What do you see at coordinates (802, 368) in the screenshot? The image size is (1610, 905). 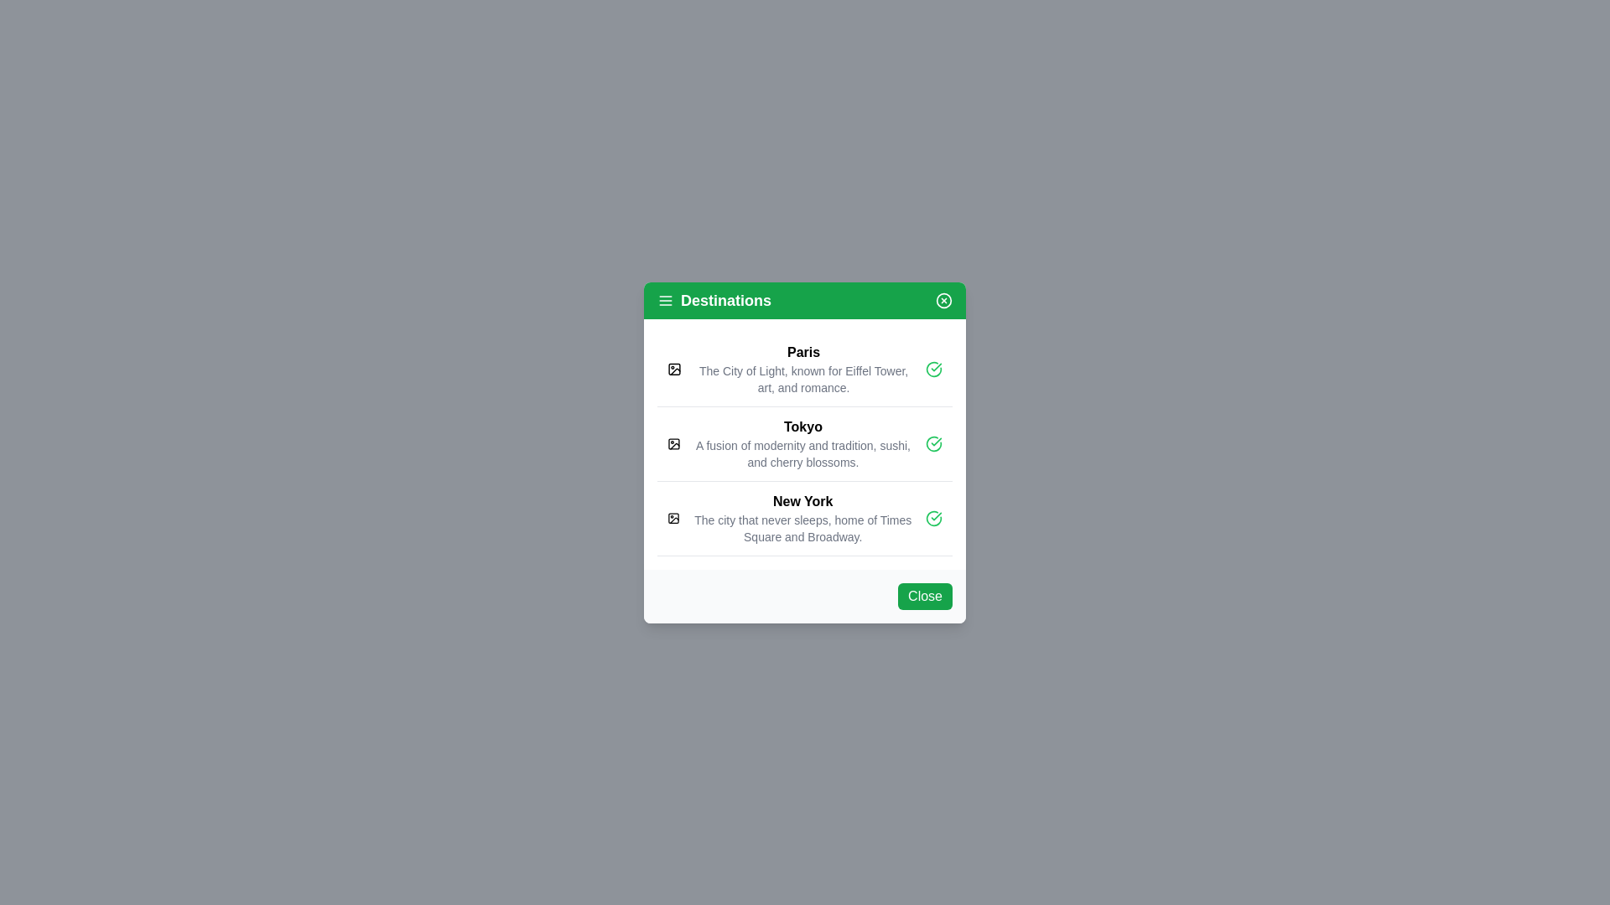 I see `text displayed in the Text Display Component for the destination 'Paris', which includes highlights or significance of the location` at bounding box center [802, 368].